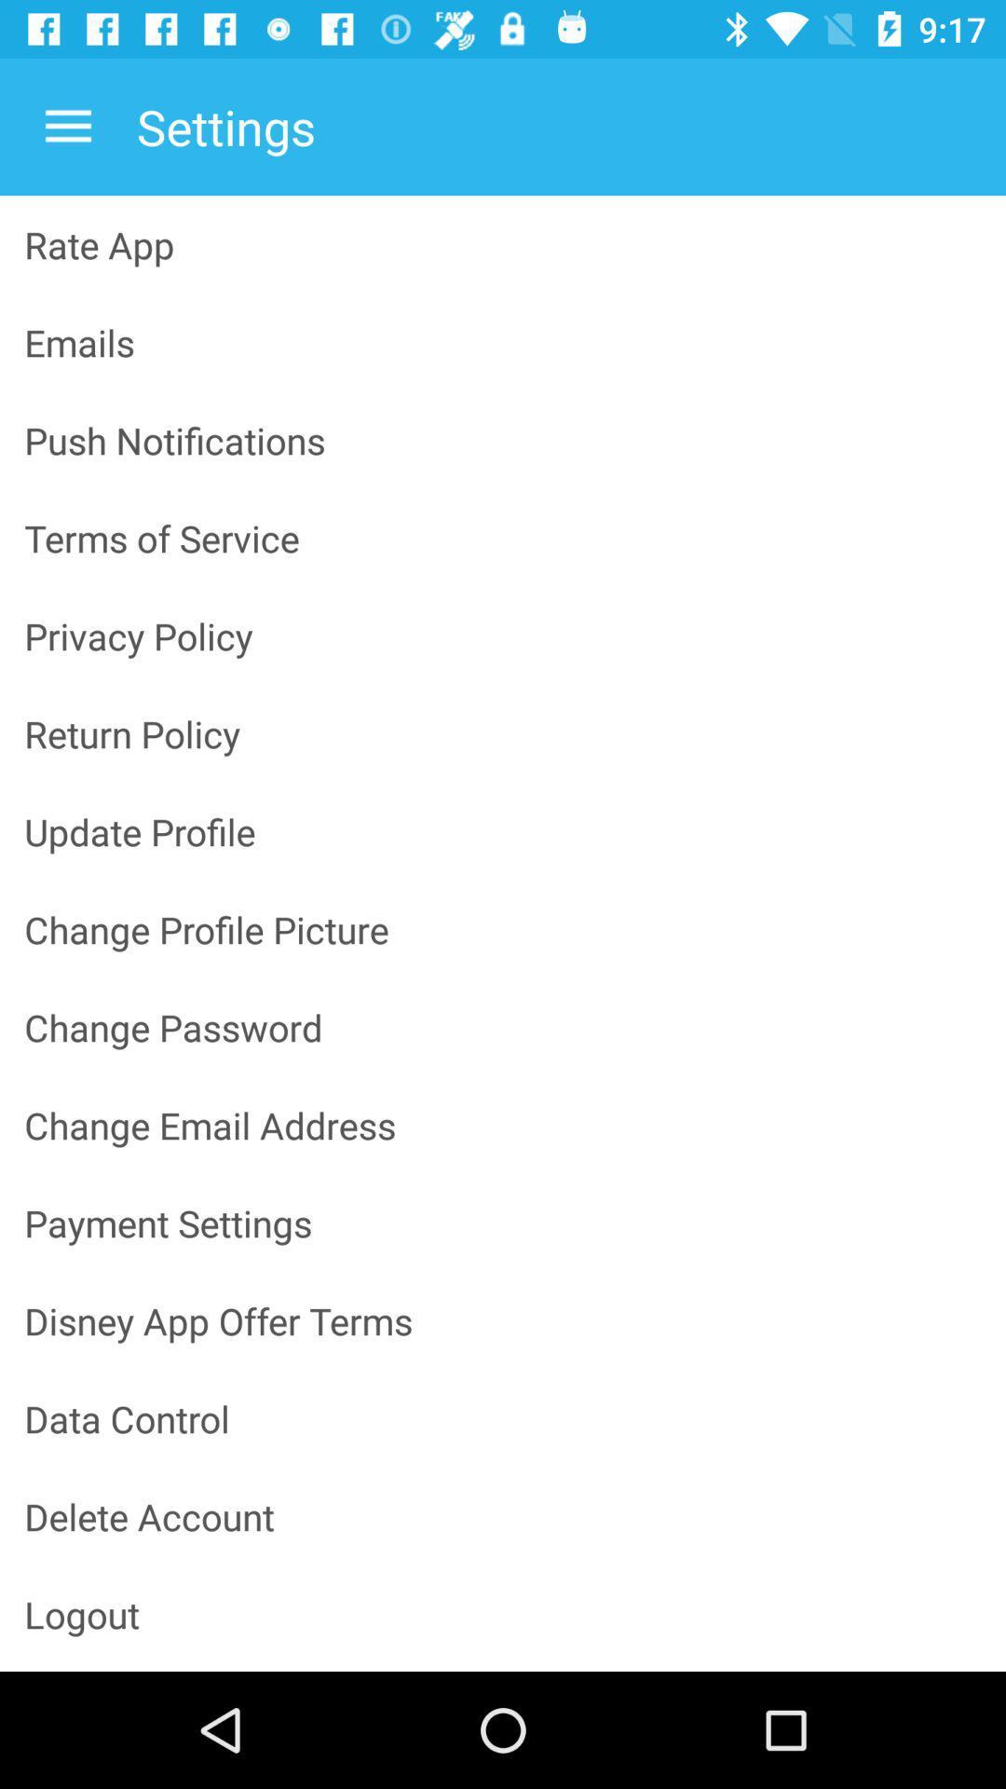  Describe the element at coordinates (503, 1026) in the screenshot. I see `the change password` at that location.